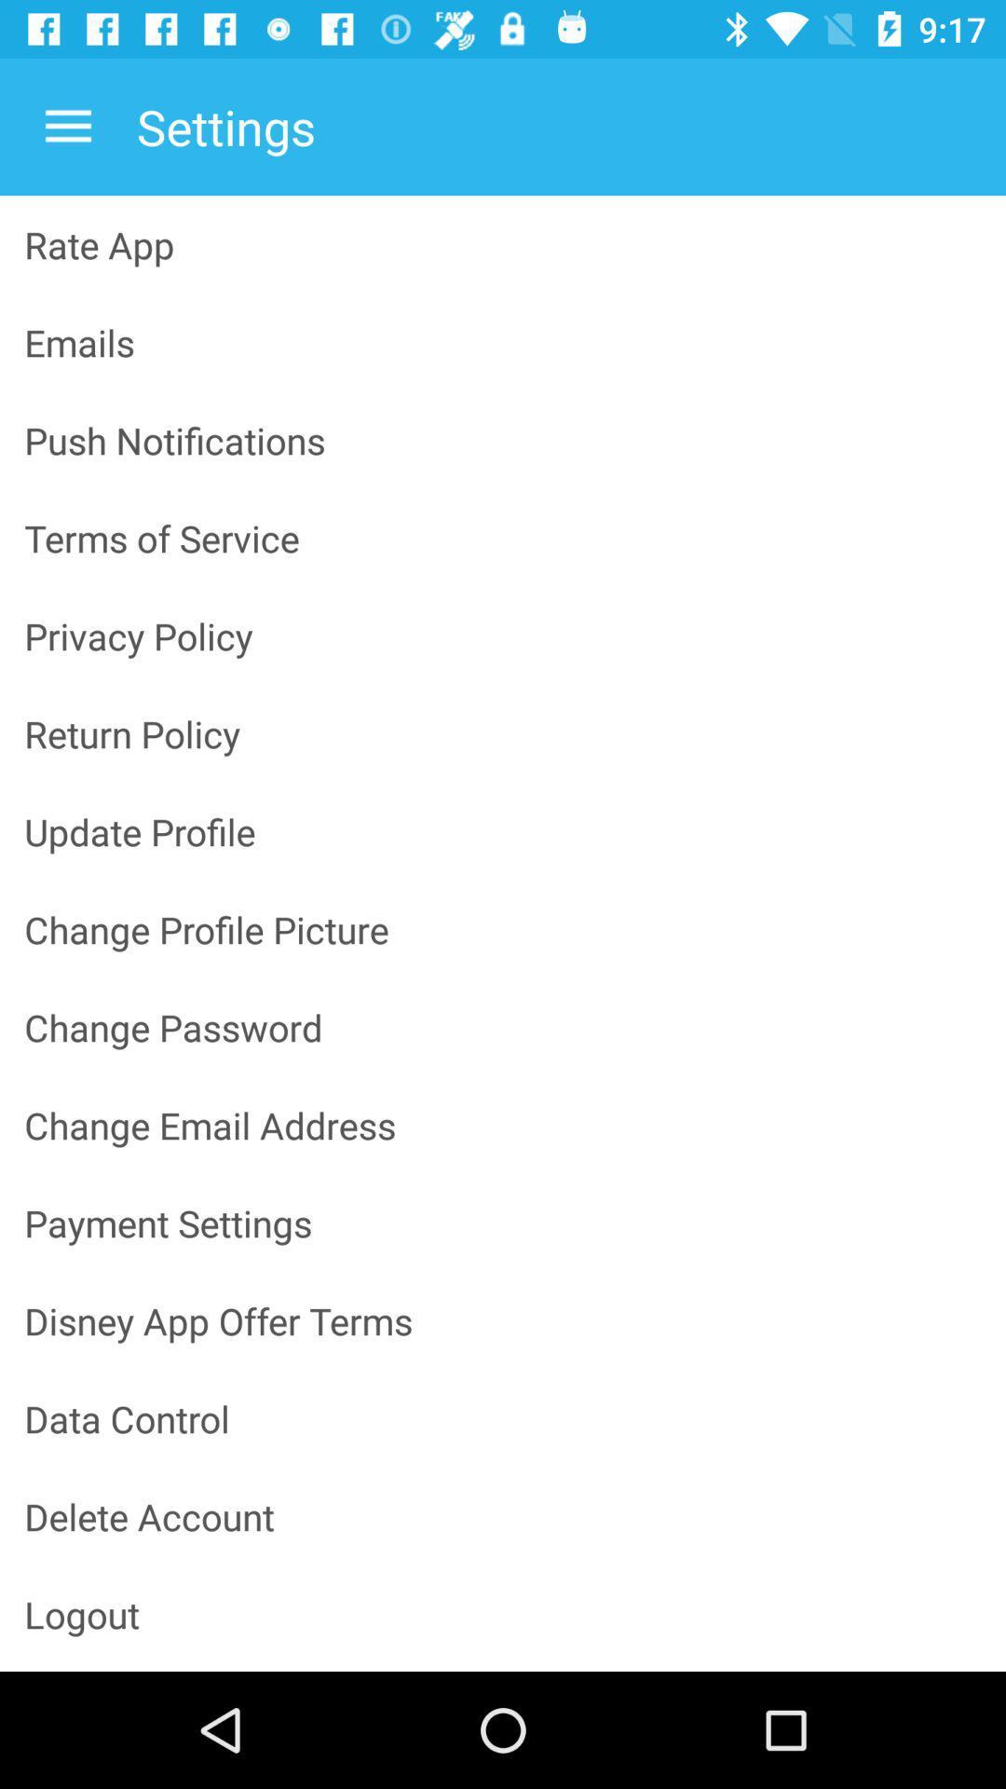  Describe the element at coordinates (503, 1026) in the screenshot. I see `the change password` at that location.